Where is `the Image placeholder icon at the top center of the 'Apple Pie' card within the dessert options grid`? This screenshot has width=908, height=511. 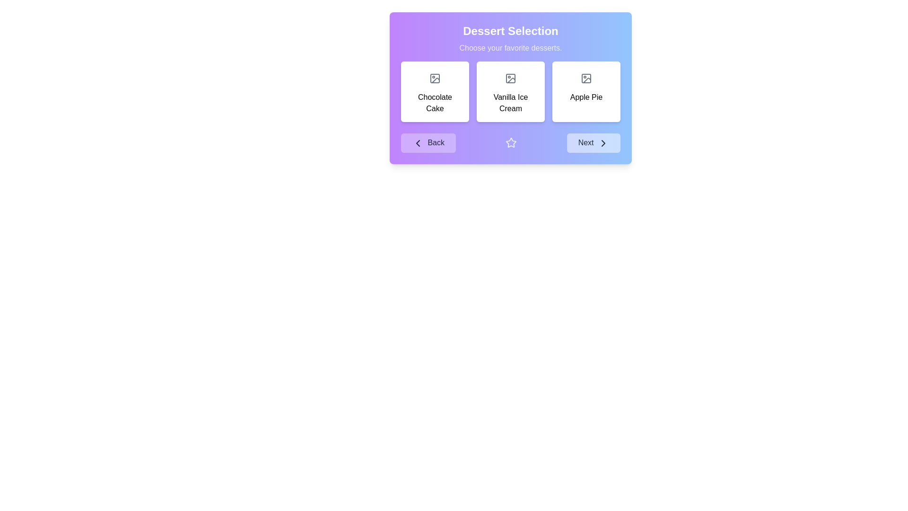 the Image placeholder icon at the top center of the 'Apple Pie' card within the dessert options grid is located at coordinates (585, 78).